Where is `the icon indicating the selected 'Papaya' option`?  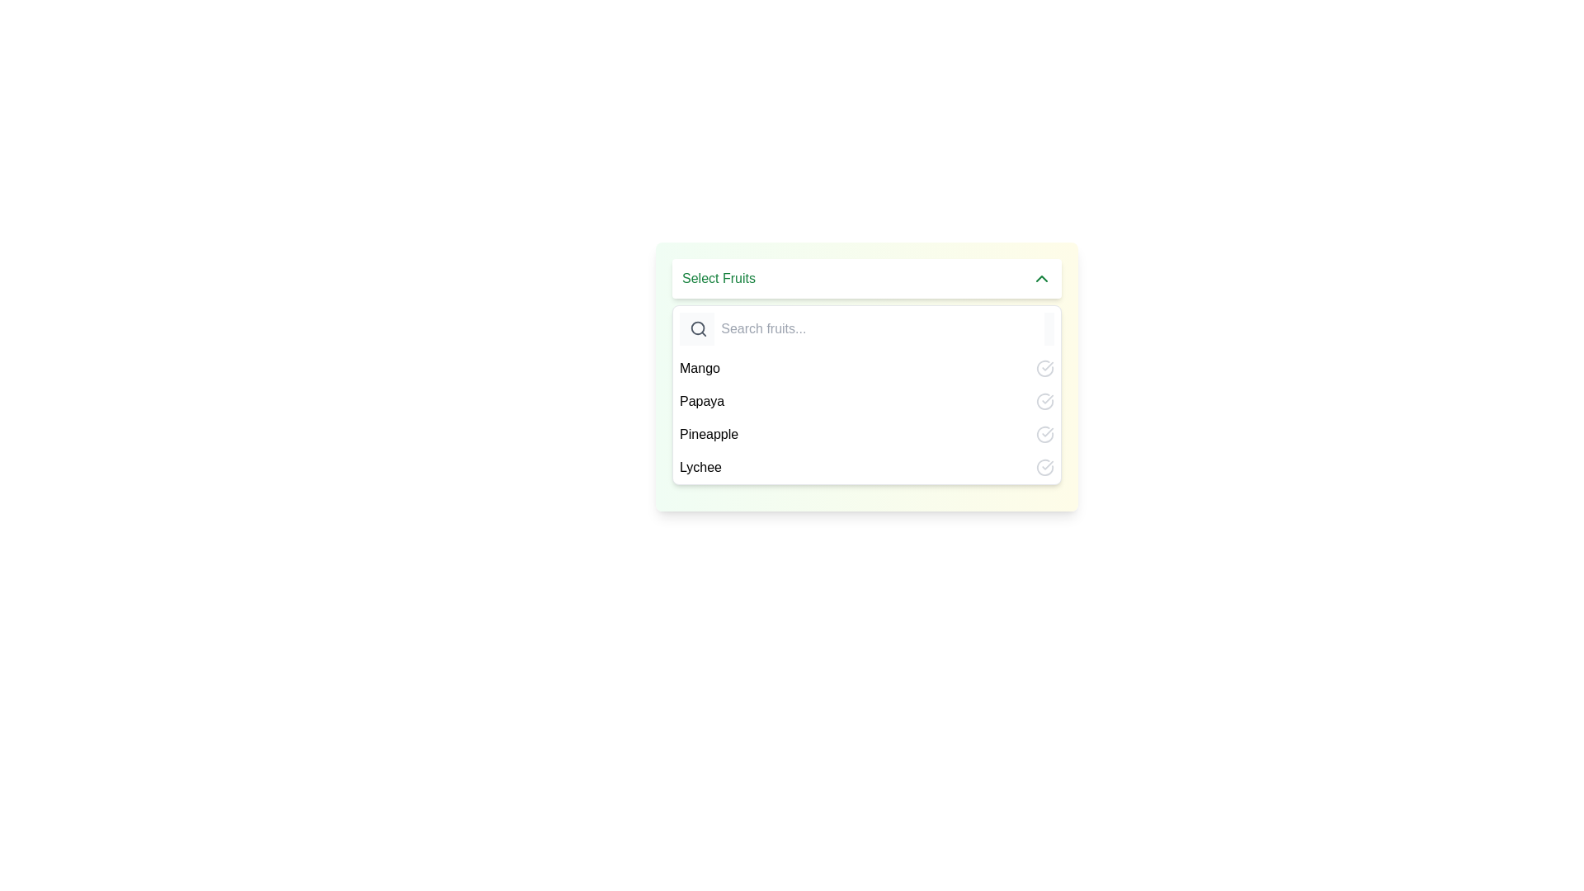
the icon indicating the selected 'Papaya' option is located at coordinates (1044, 401).